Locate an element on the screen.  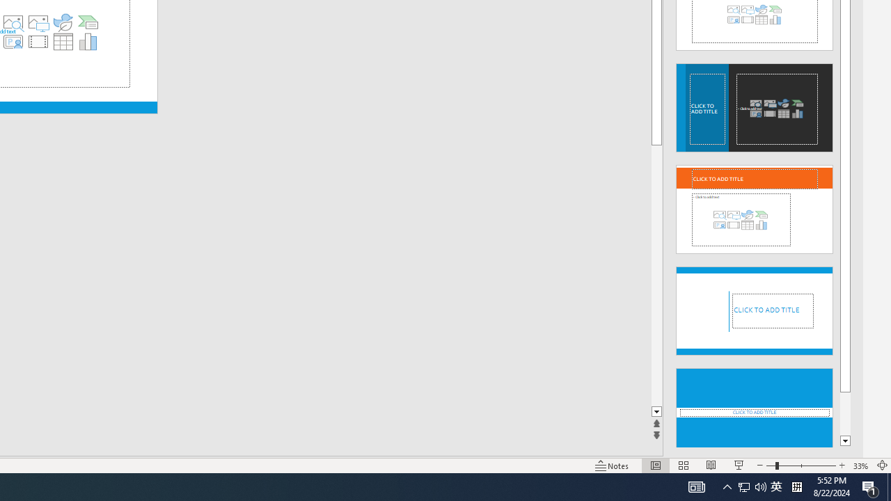
'Insert a SmartArt Graphic' is located at coordinates (88, 22).